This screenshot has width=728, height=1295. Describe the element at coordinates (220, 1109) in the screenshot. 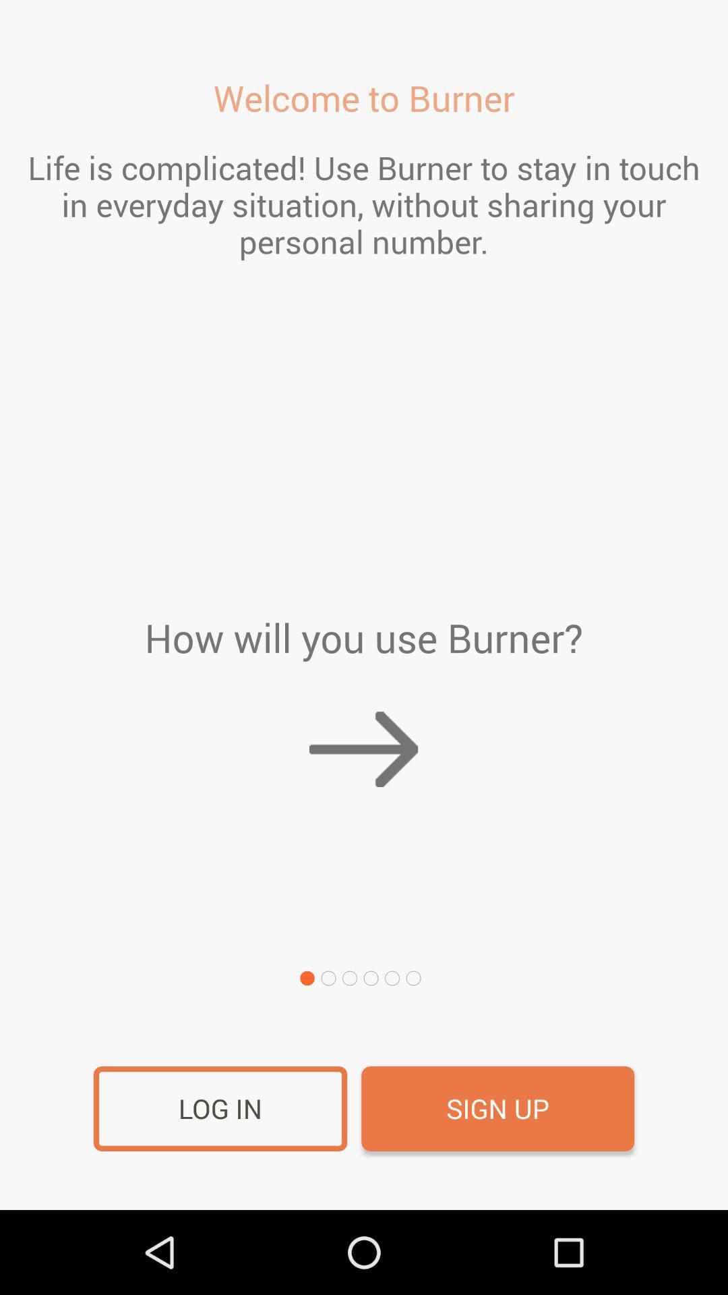

I see `icon at the bottom left corner` at that location.